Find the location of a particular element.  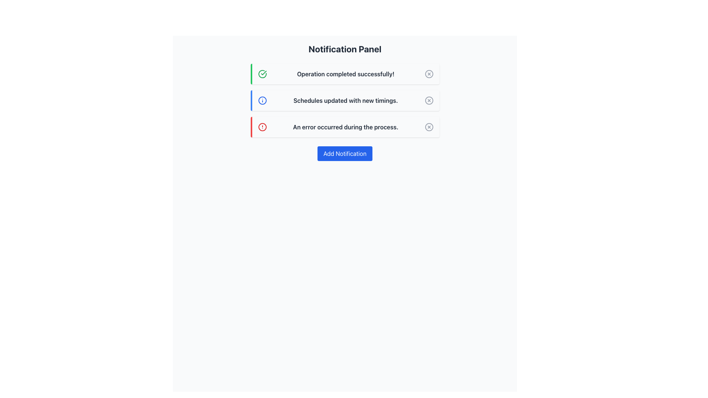

the text label displaying 'An error occurred during the process.' which is bolded in dark gray on a light red background, located between 'Schedules updated with new timings.' and 'Add Notification.' is located at coordinates (345, 126).